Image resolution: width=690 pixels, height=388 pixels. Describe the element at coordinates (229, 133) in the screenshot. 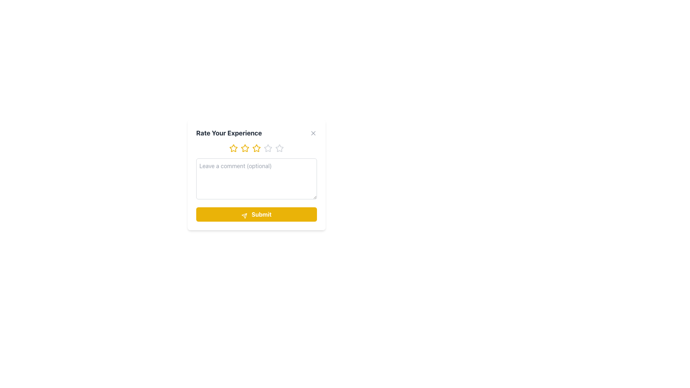

I see `the text label that says 'Rate Your Experience', which is styled in bold and larger font size with dark gray color, positioned at the top of the component above the rating stars and comment box` at that location.